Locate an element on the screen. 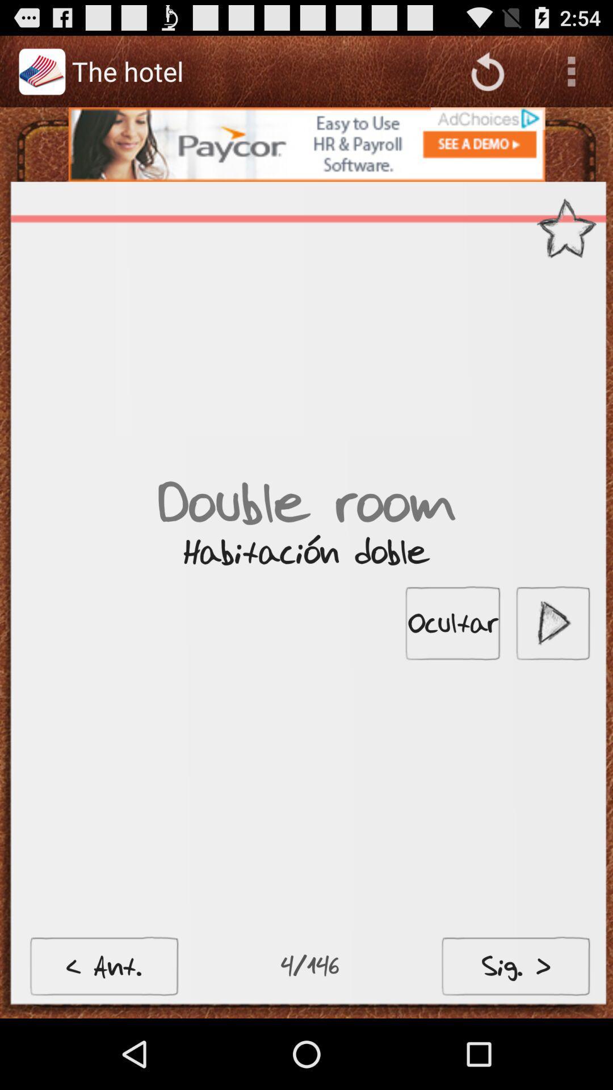  the ocultar is located at coordinates (452, 622).